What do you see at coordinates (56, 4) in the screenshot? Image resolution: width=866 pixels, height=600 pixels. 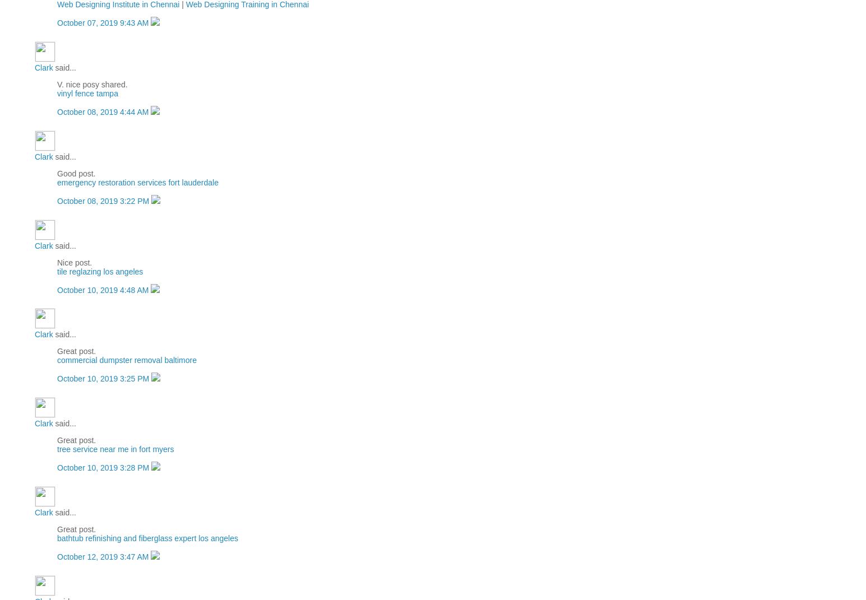 I see `'Web Designing Institute in Chennai'` at bounding box center [56, 4].